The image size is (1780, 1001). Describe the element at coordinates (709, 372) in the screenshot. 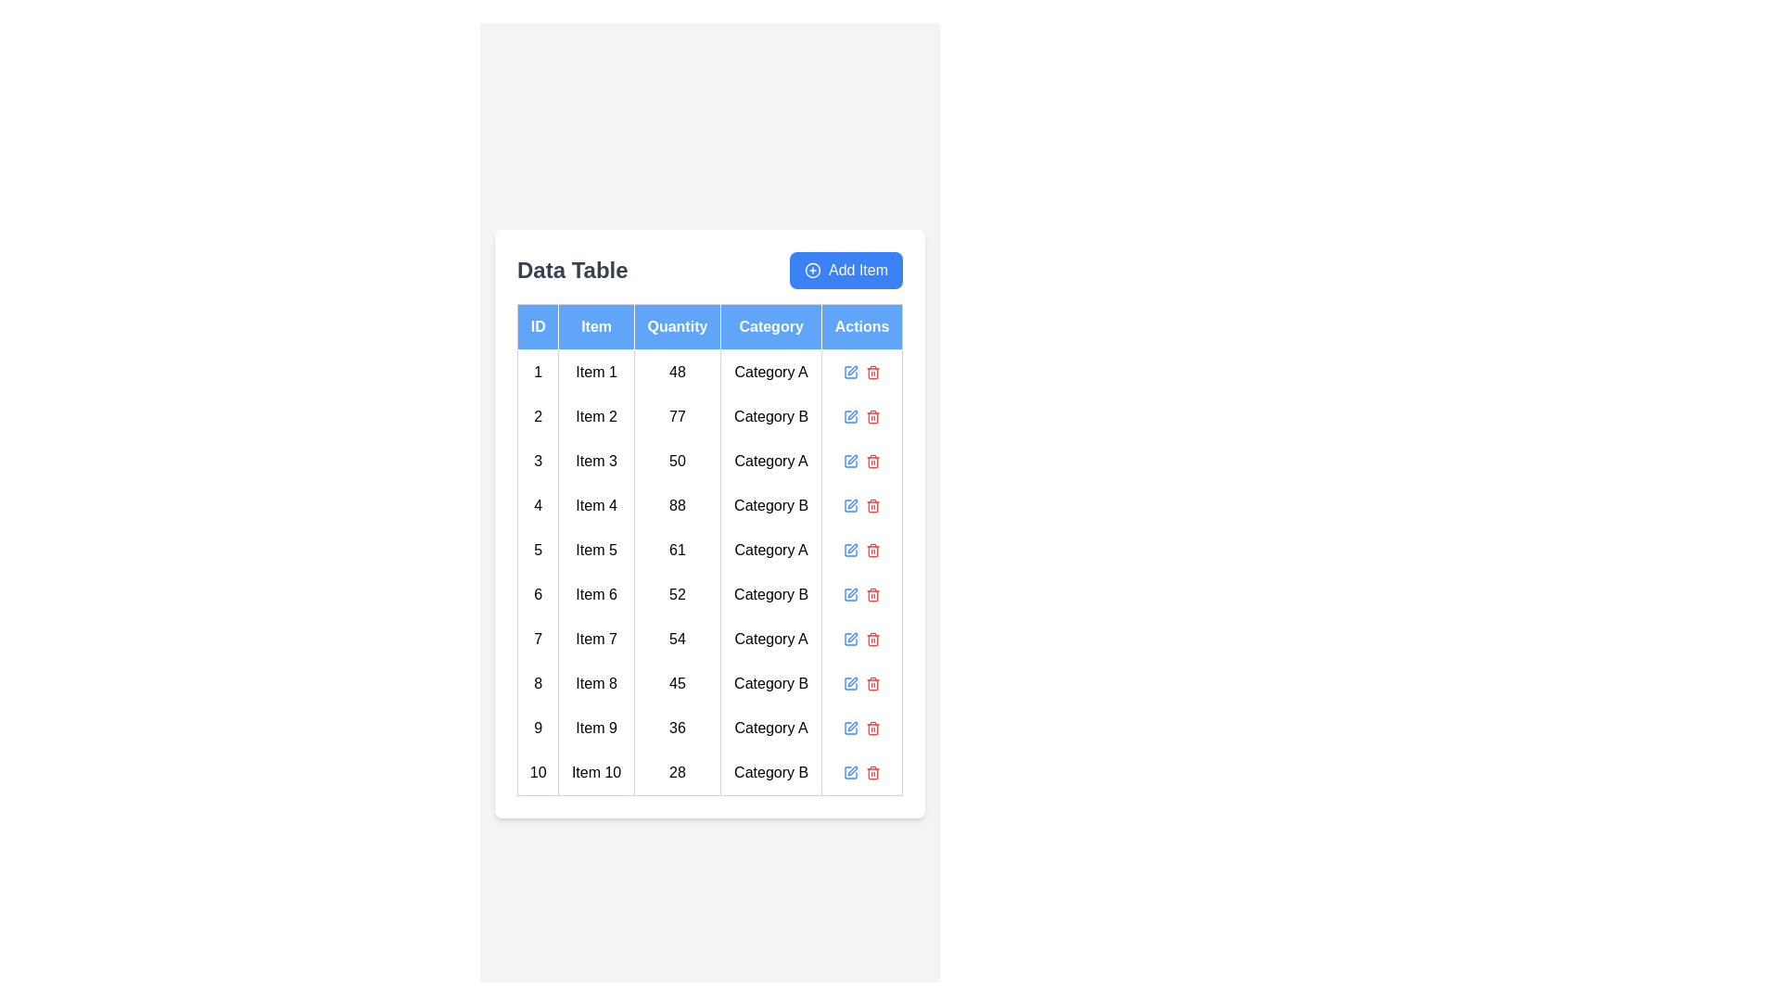

I see `the first row of the data table for navigation through keyboard actions` at that location.